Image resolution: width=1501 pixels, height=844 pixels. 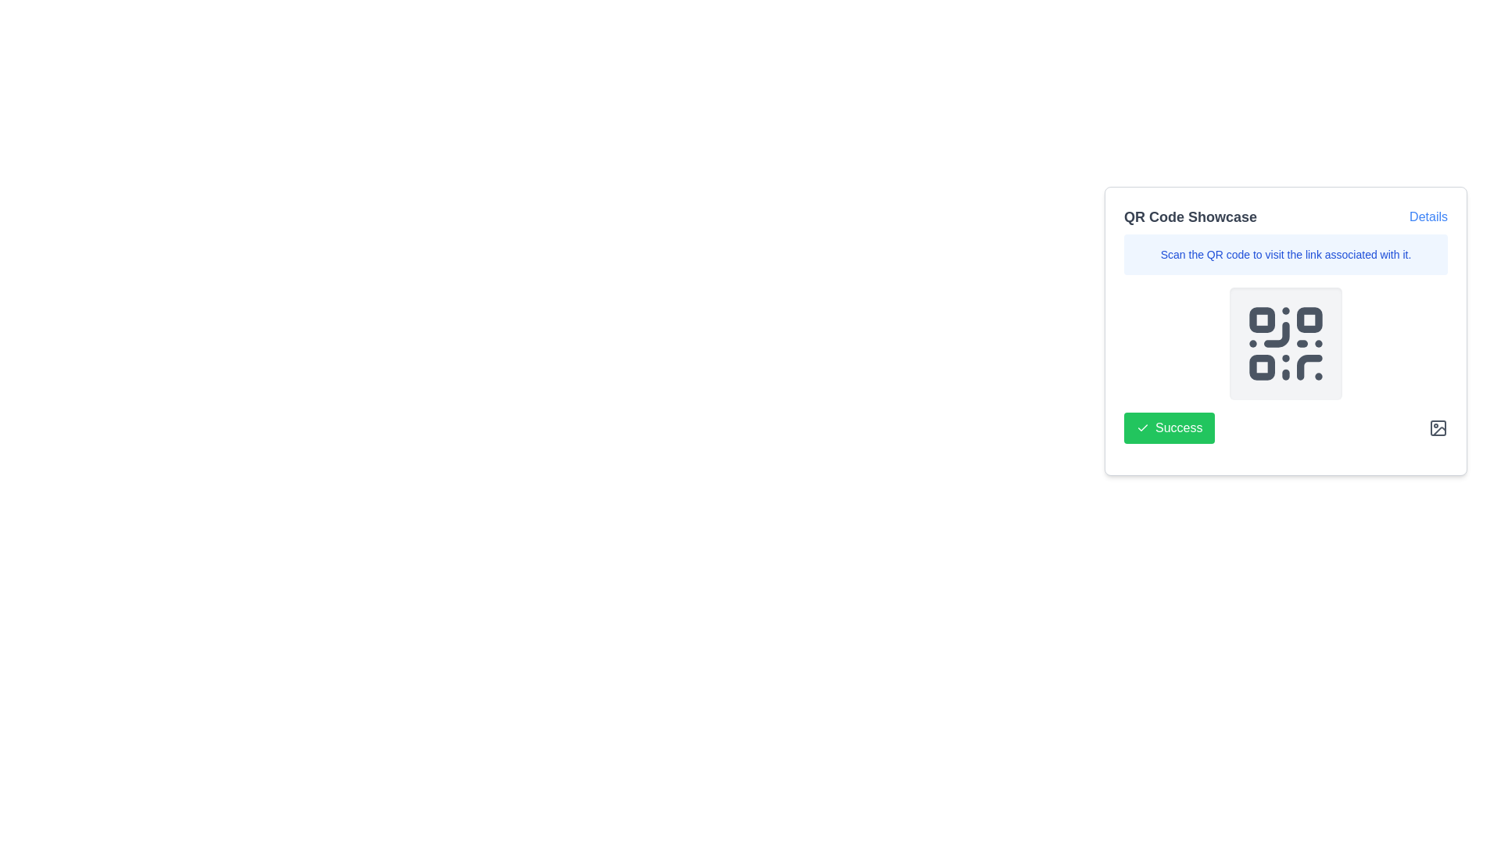 What do you see at coordinates (1438, 427) in the screenshot?
I see `the icon in the bottom-right corner of the 'QR Code Showcase' card to change its color for feedback` at bounding box center [1438, 427].